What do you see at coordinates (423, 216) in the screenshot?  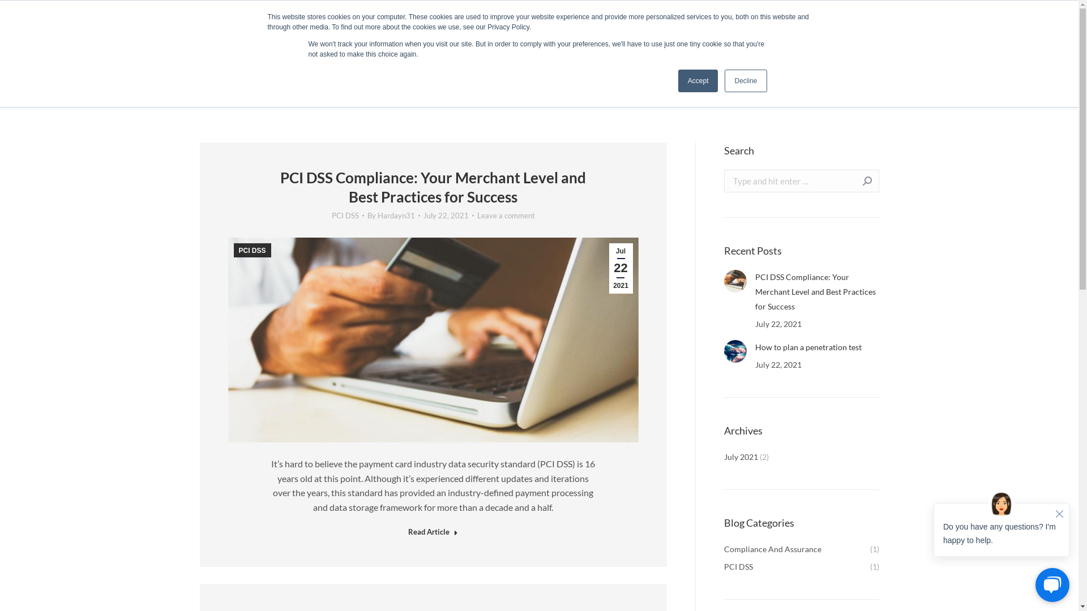 I see `'July 22, 2021'` at bounding box center [423, 216].